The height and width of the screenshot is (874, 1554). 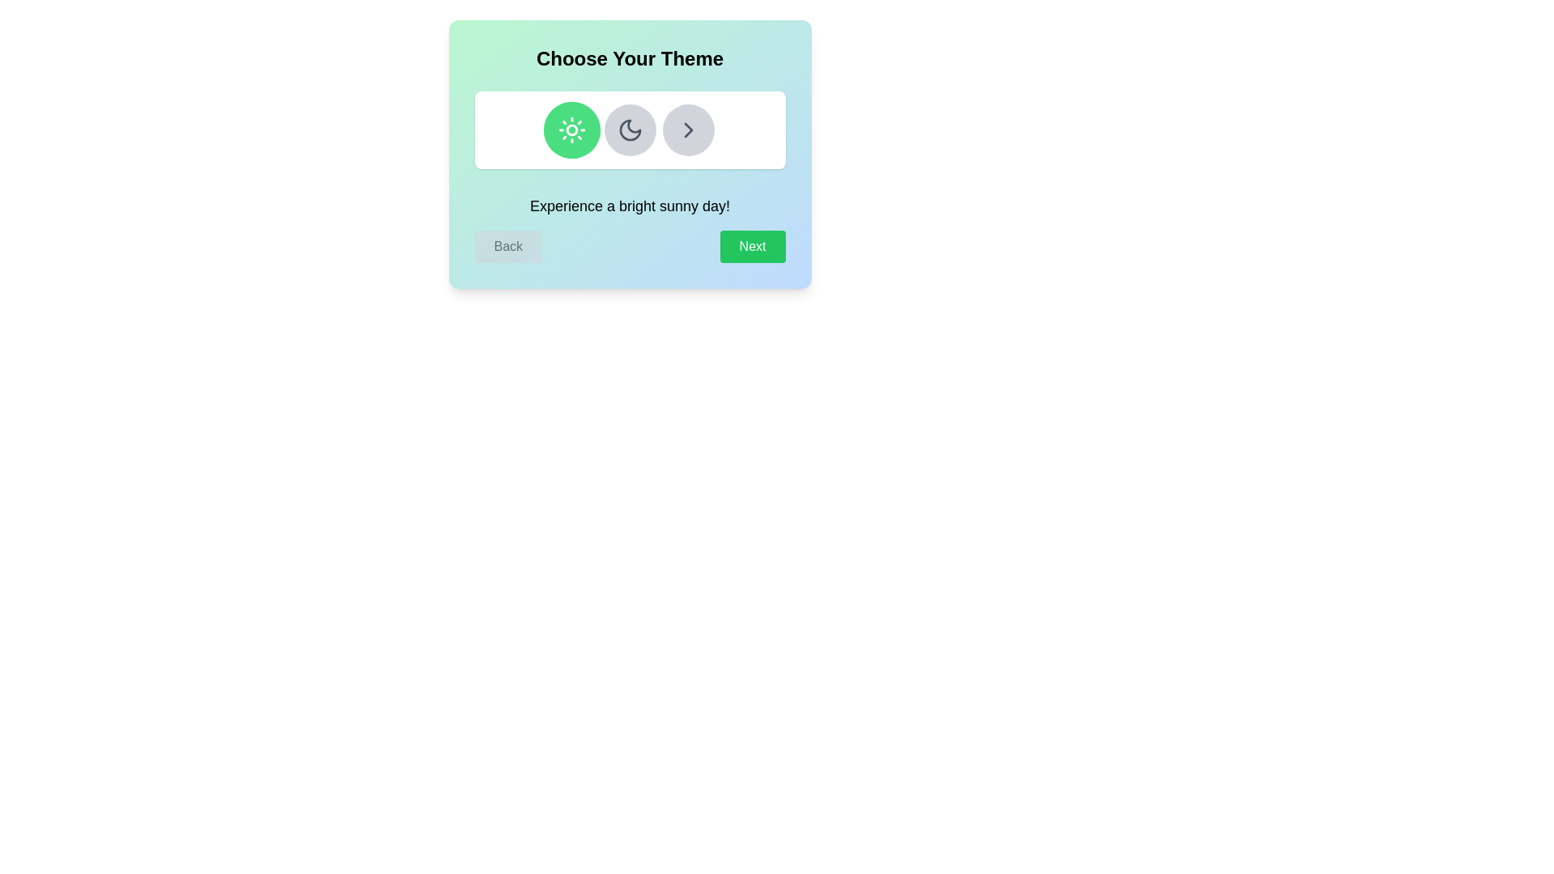 What do you see at coordinates (752, 246) in the screenshot?
I see `the 'Next' button to change the theme` at bounding box center [752, 246].